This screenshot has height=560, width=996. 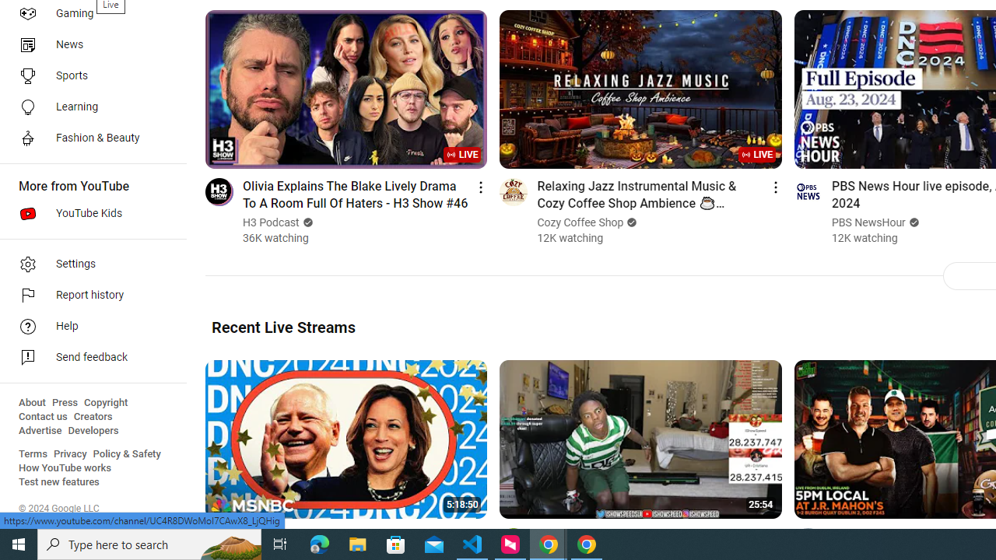 What do you see at coordinates (69, 454) in the screenshot?
I see `'Privacy'` at bounding box center [69, 454].